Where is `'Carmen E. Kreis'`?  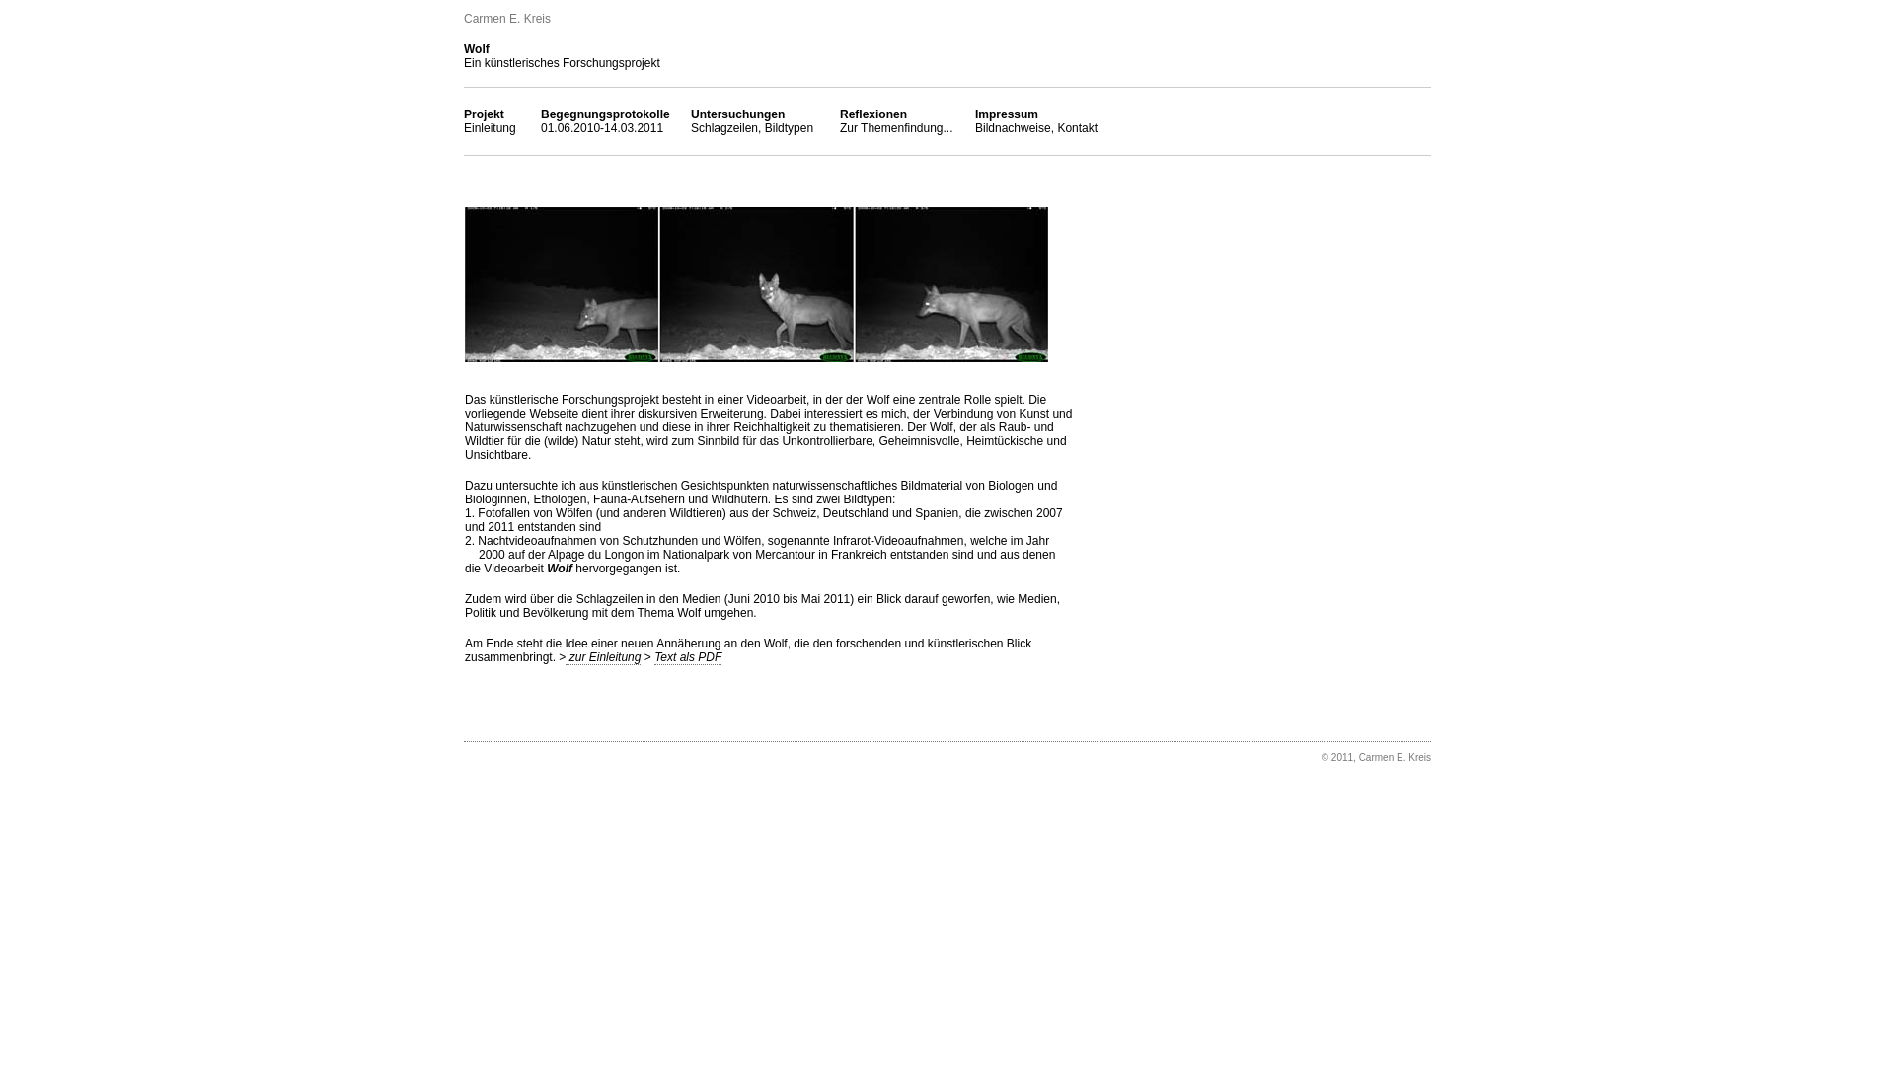 'Carmen E. Kreis' is located at coordinates (506, 19).